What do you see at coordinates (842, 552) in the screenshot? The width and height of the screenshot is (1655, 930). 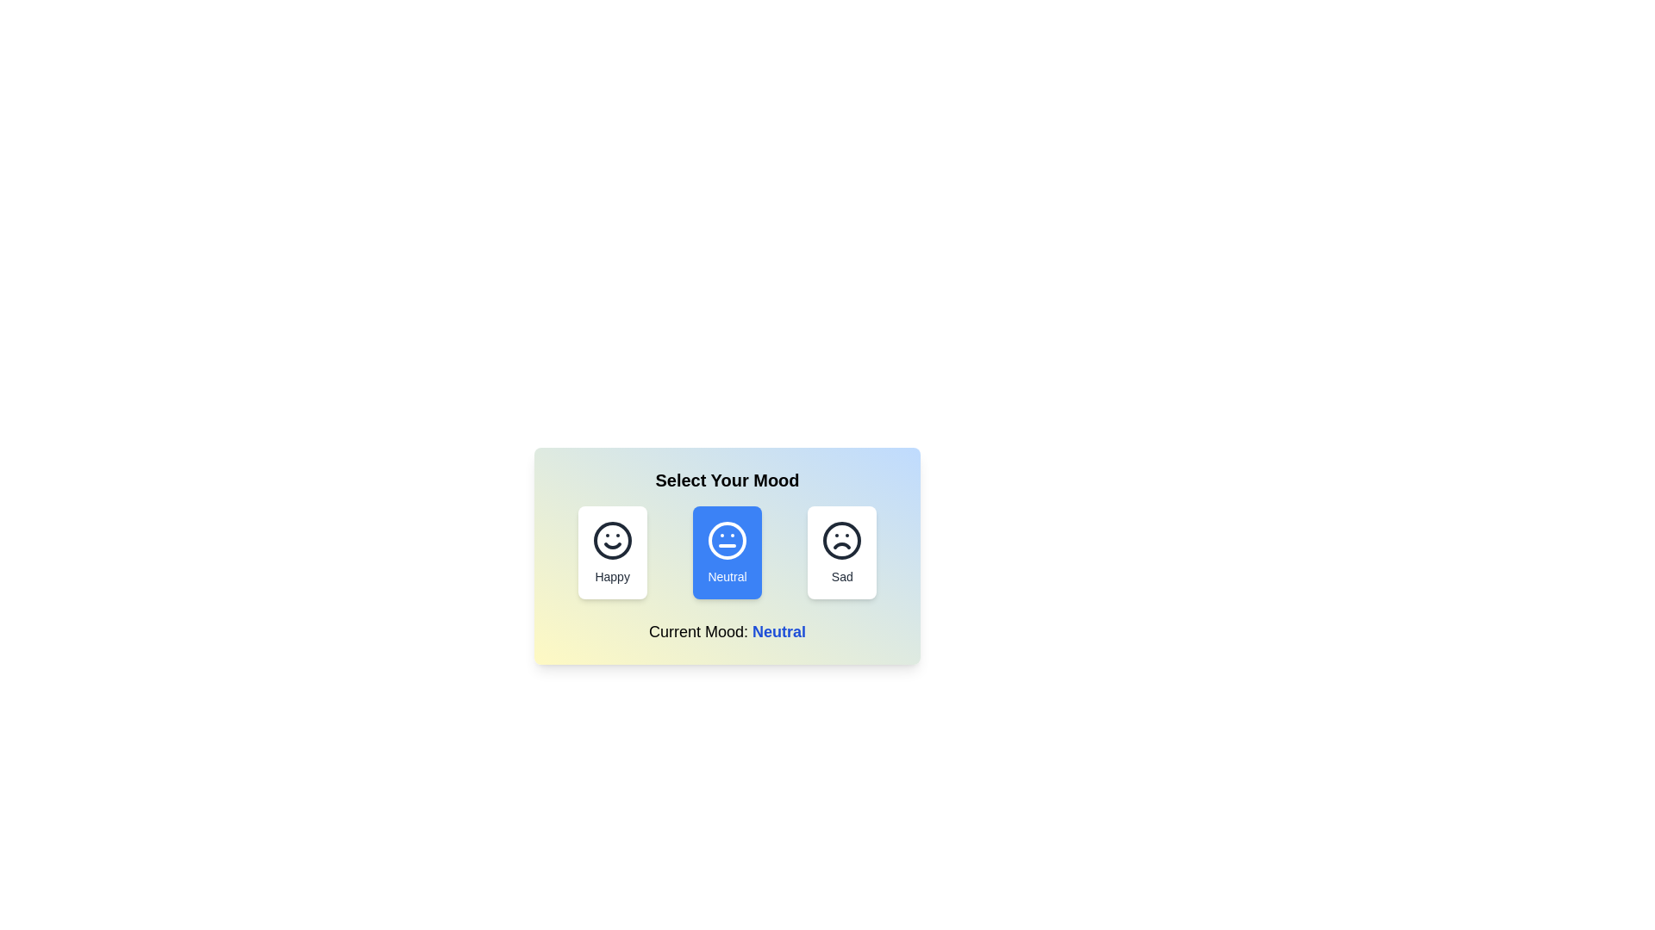 I see `the mood button corresponding to Sad` at bounding box center [842, 552].